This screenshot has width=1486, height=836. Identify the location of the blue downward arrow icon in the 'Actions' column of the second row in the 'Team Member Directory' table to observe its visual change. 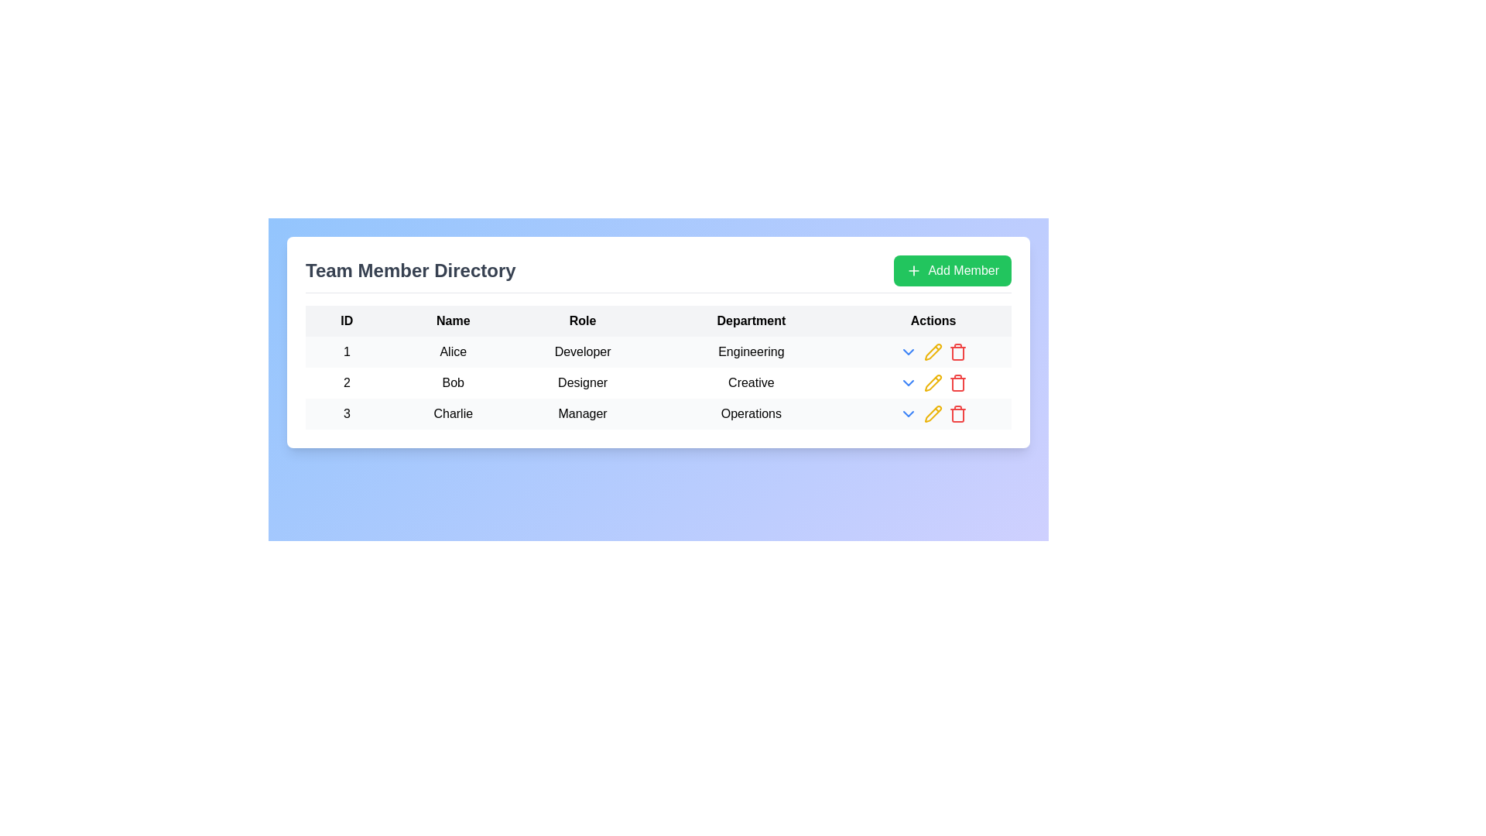
(909, 382).